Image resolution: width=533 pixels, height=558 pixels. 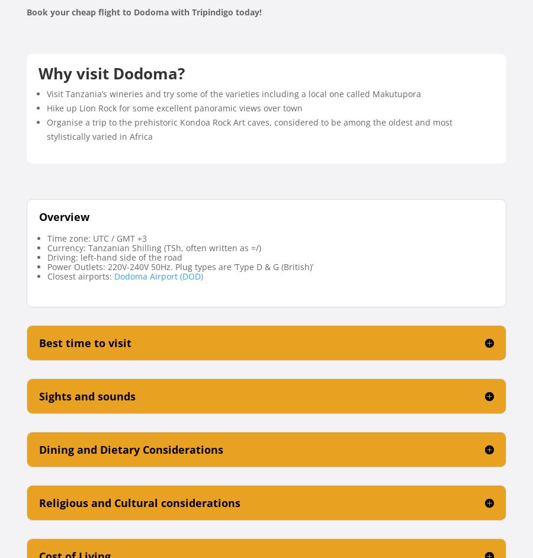 What do you see at coordinates (46, 107) in the screenshot?
I see `'Hike up Lion Rock for some excellent panoramic views over town'` at bounding box center [46, 107].